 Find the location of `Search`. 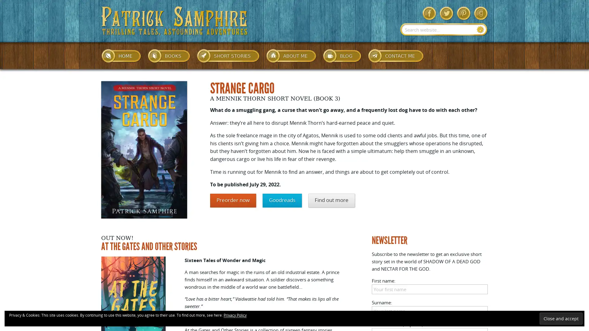

Search is located at coordinates (480, 29).